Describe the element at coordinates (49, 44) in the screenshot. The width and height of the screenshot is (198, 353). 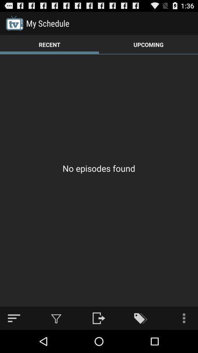
I see `the item next to upcoming` at that location.